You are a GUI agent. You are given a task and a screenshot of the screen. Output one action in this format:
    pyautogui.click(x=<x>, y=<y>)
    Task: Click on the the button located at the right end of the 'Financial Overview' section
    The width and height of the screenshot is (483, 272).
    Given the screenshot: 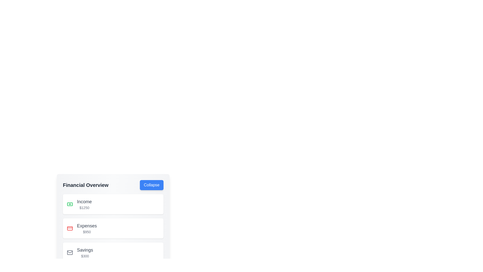 What is the action you would take?
    pyautogui.click(x=151, y=185)
    